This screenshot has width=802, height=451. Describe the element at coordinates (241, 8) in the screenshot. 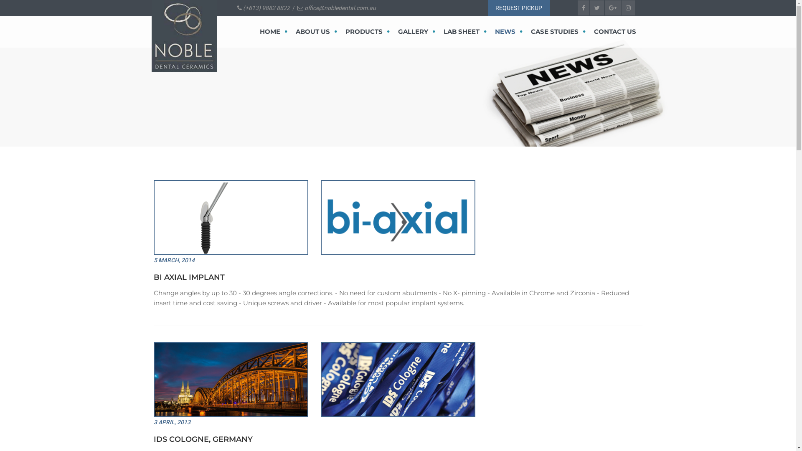

I see `'(+613) 9882 8822'` at that location.